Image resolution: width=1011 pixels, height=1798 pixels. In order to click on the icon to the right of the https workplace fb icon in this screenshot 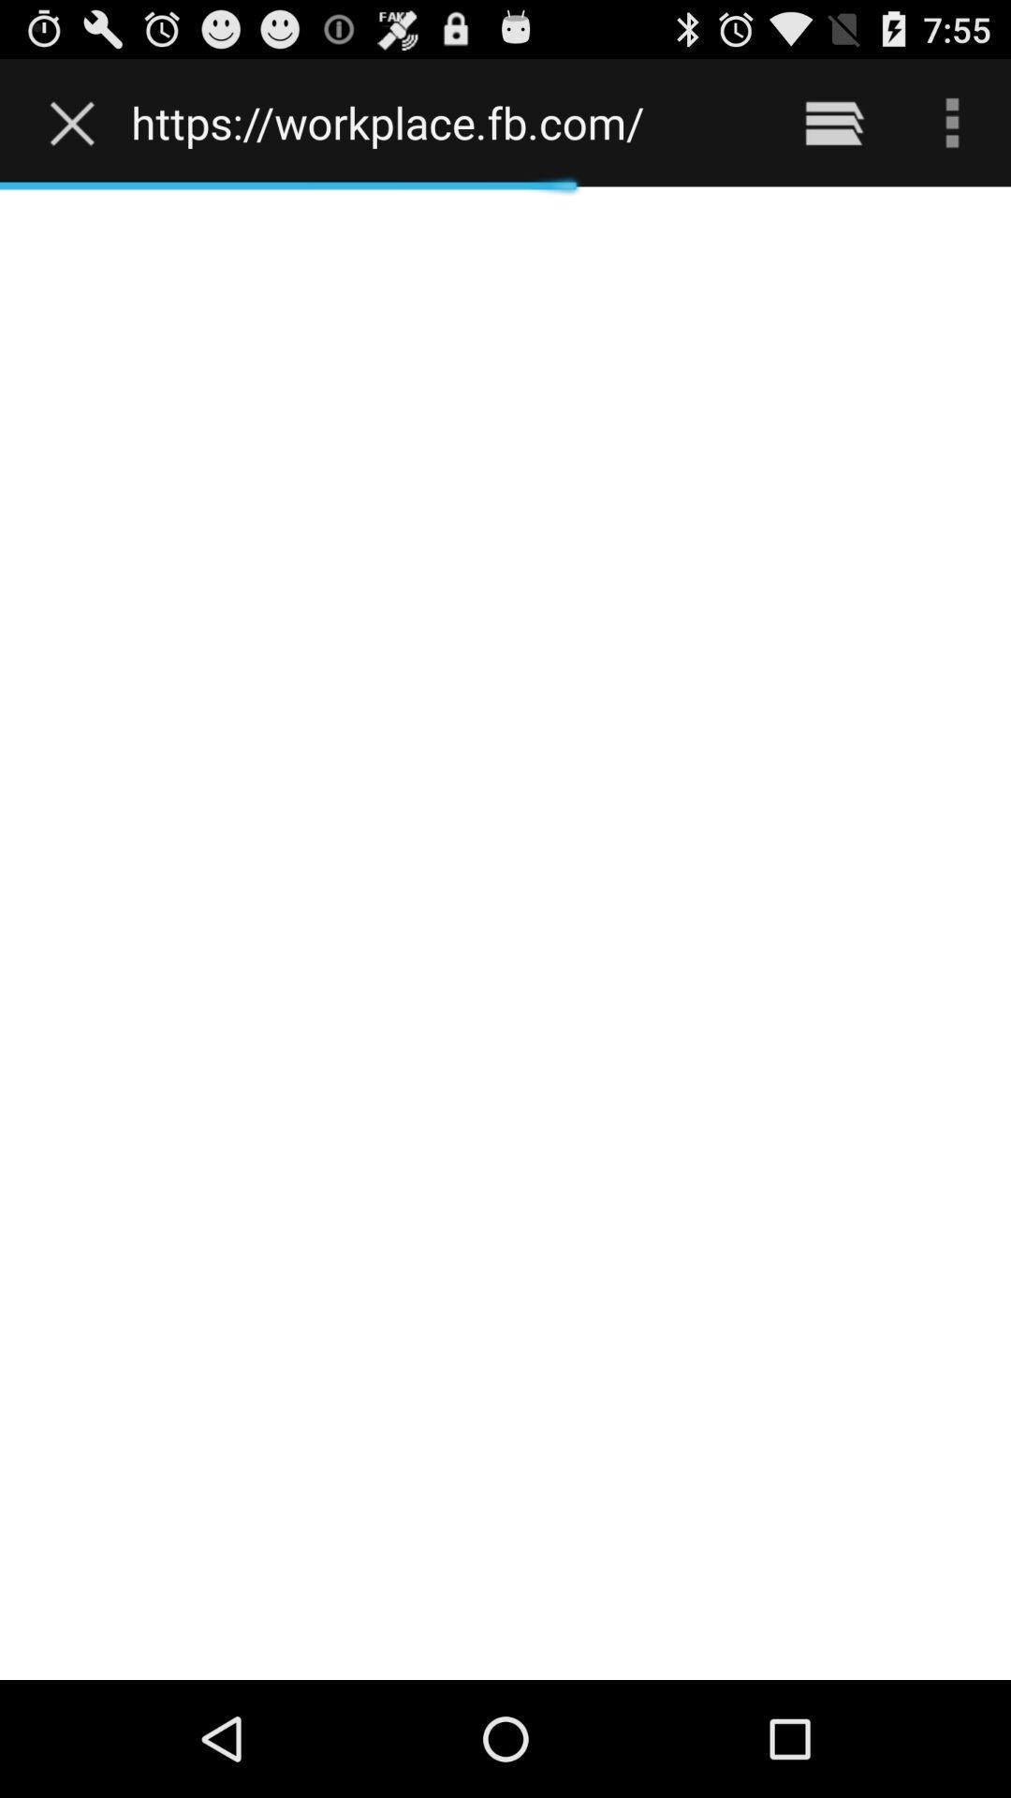, I will do `click(833, 122)`.